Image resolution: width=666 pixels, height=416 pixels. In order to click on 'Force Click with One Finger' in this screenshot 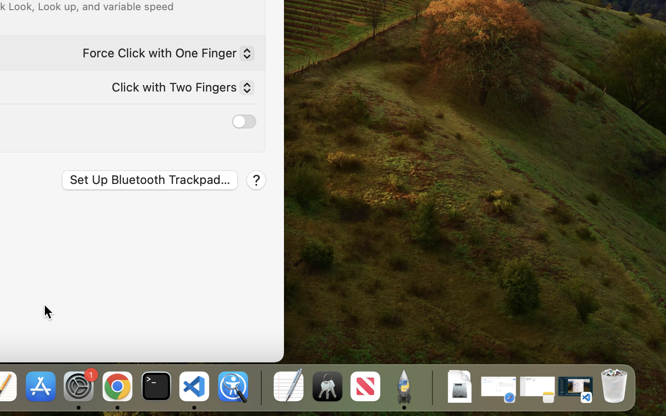, I will do `click(164, 55)`.